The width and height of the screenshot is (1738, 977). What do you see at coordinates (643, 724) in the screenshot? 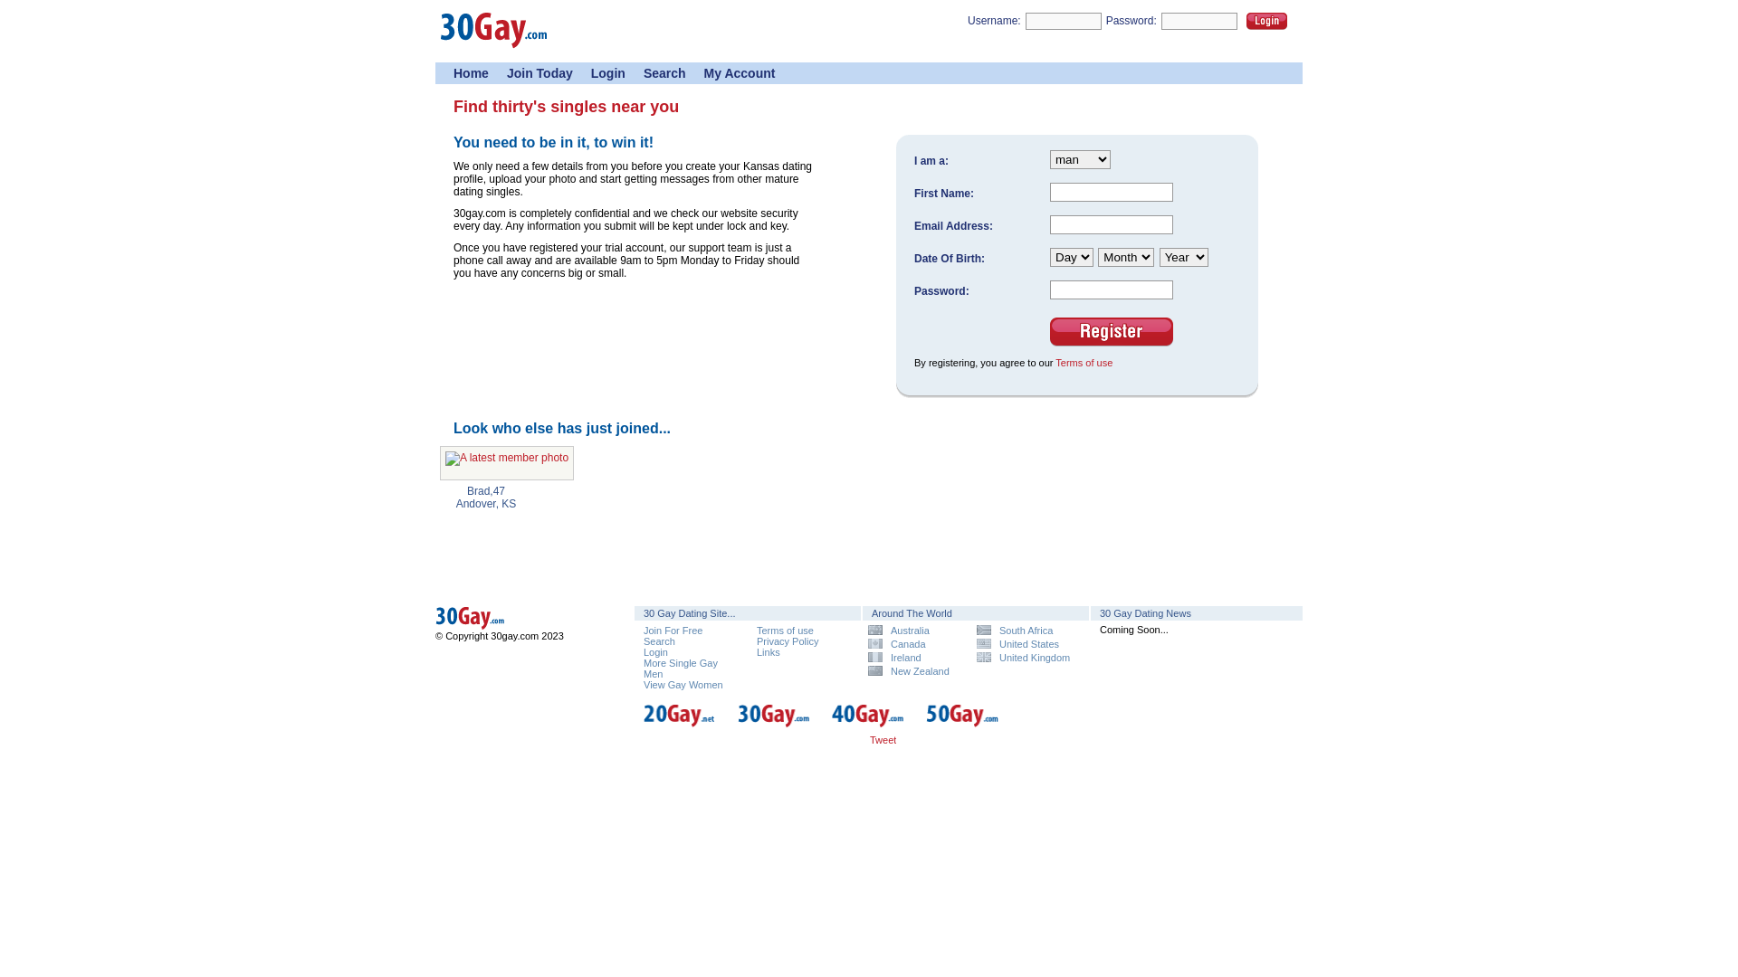
I see `'20 Gay Dating - 20gay.net'` at bounding box center [643, 724].